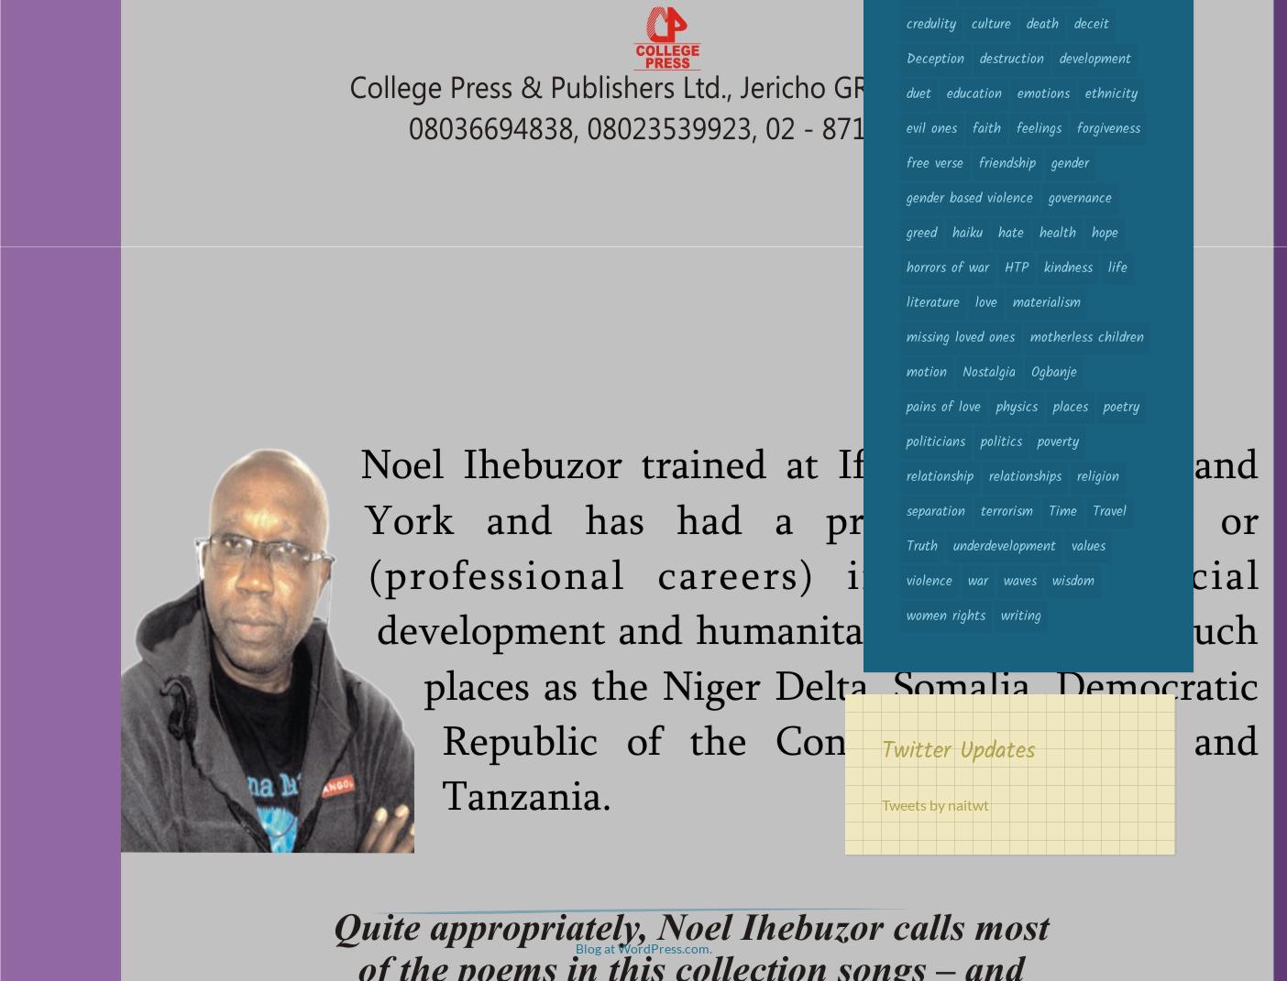 This screenshot has height=981, width=1287. What do you see at coordinates (1000, 615) in the screenshot?
I see `'writing'` at bounding box center [1000, 615].